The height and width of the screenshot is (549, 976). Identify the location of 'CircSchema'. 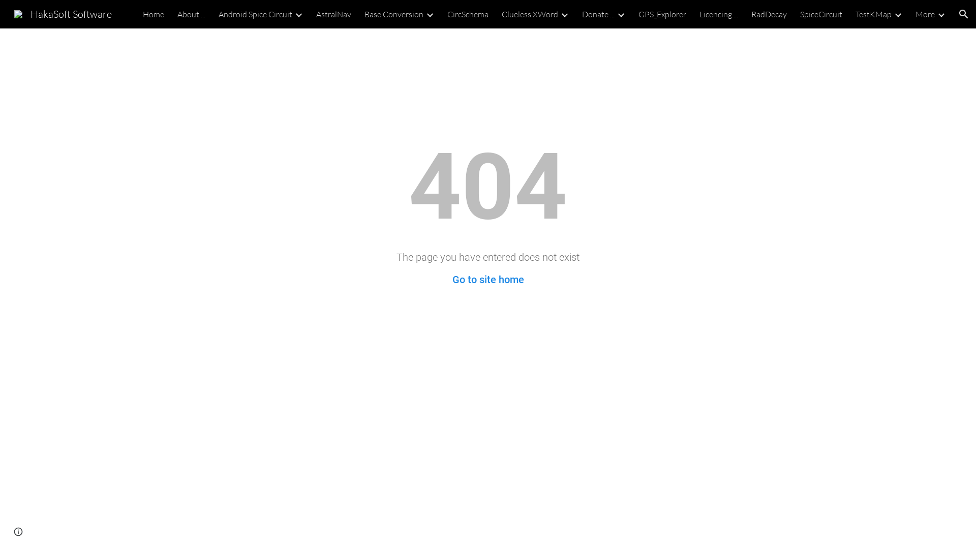
(447, 14).